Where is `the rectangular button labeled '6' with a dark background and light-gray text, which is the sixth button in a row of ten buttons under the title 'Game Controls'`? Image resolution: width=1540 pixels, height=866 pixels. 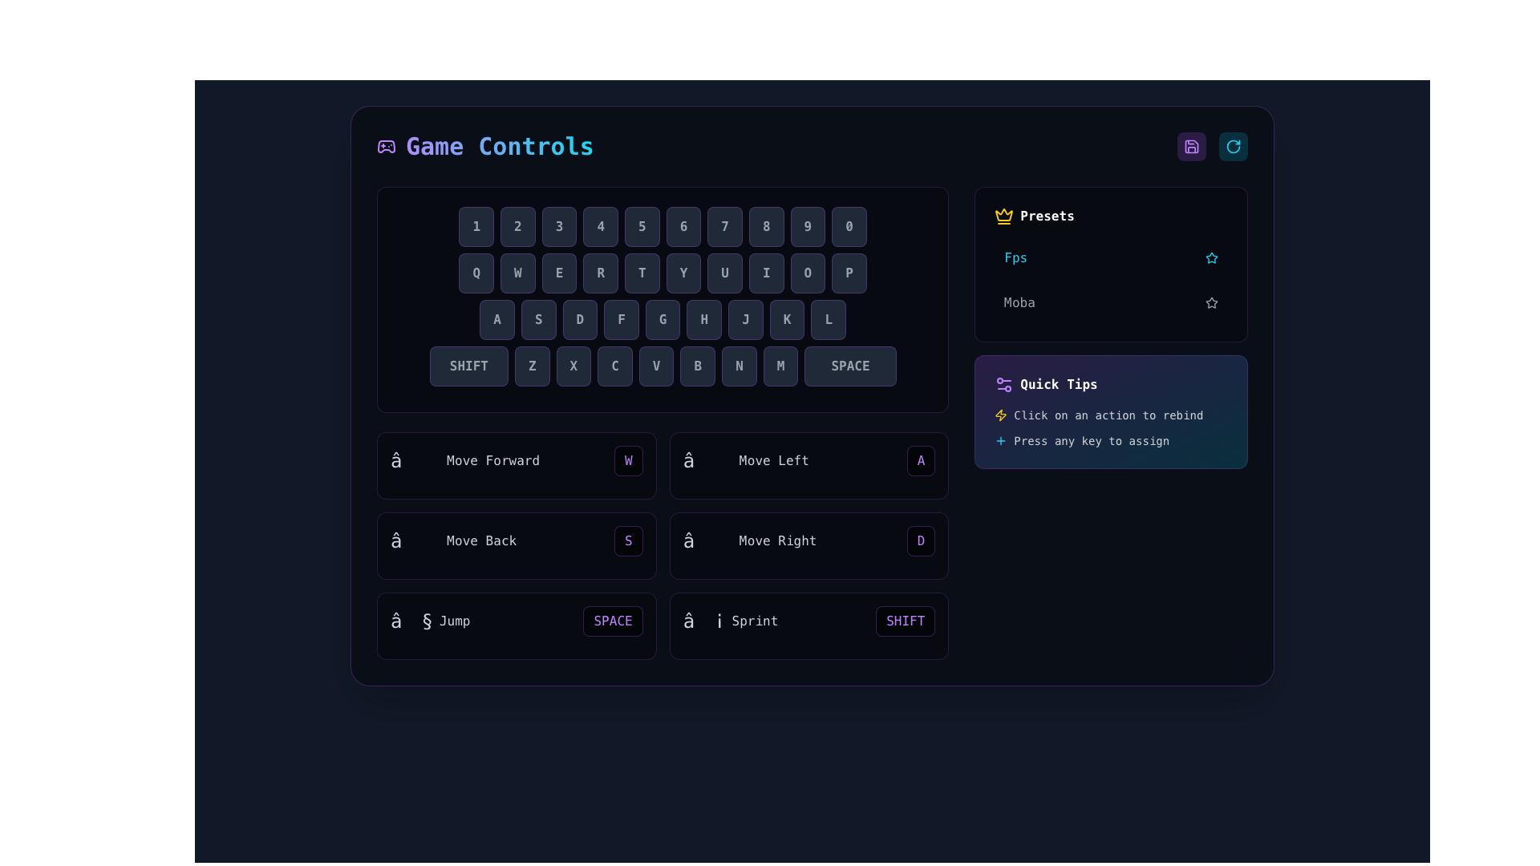 the rectangular button labeled '6' with a dark background and light-gray text, which is the sixth button in a row of ten buttons under the title 'Game Controls' is located at coordinates (683, 226).